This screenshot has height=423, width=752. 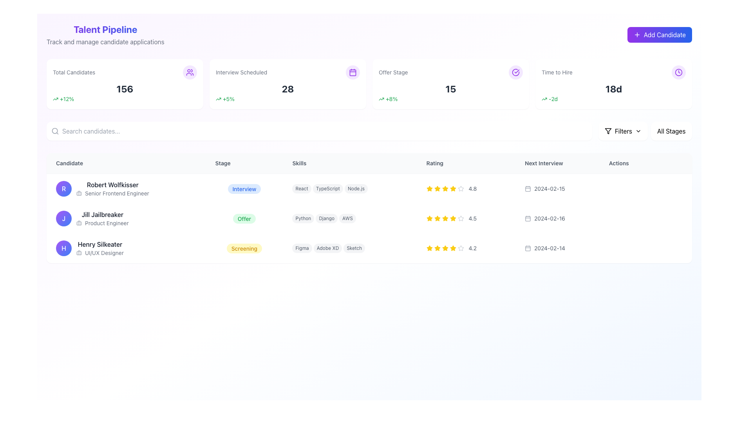 What do you see at coordinates (102, 219) in the screenshot?
I see `the text block displaying 'Jill Jailbreaker' and the accompanying briefcase icon` at bounding box center [102, 219].